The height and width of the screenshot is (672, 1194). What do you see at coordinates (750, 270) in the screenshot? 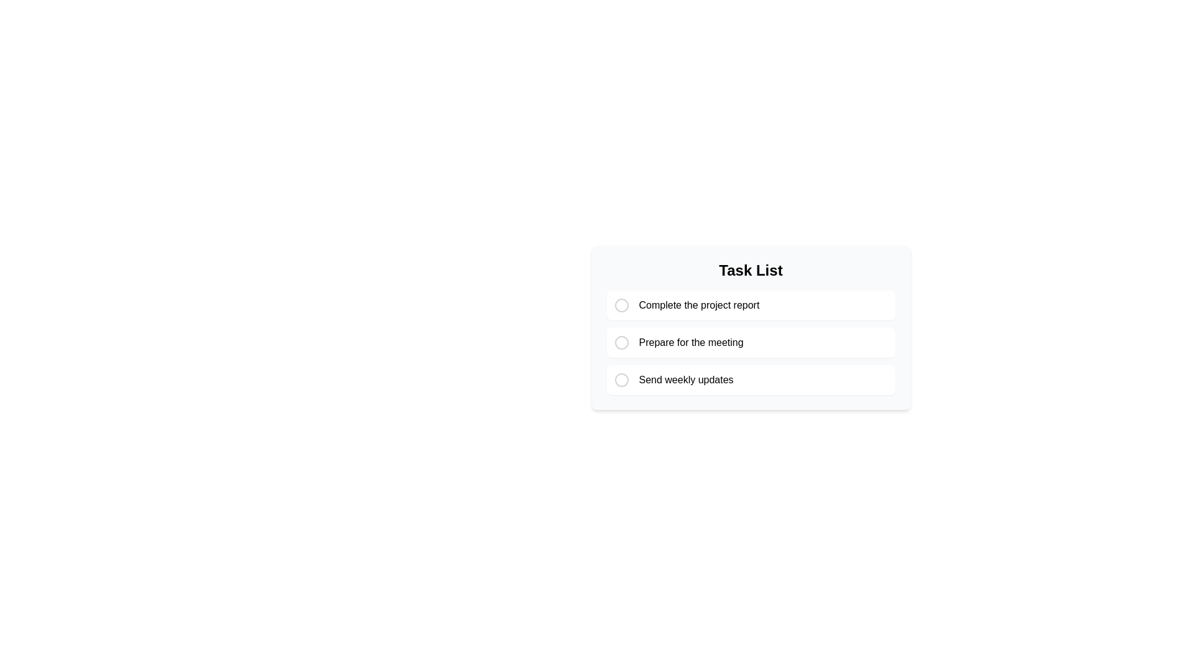
I see `the text label that serves as a heading for the section and is positioned above the task items` at bounding box center [750, 270].